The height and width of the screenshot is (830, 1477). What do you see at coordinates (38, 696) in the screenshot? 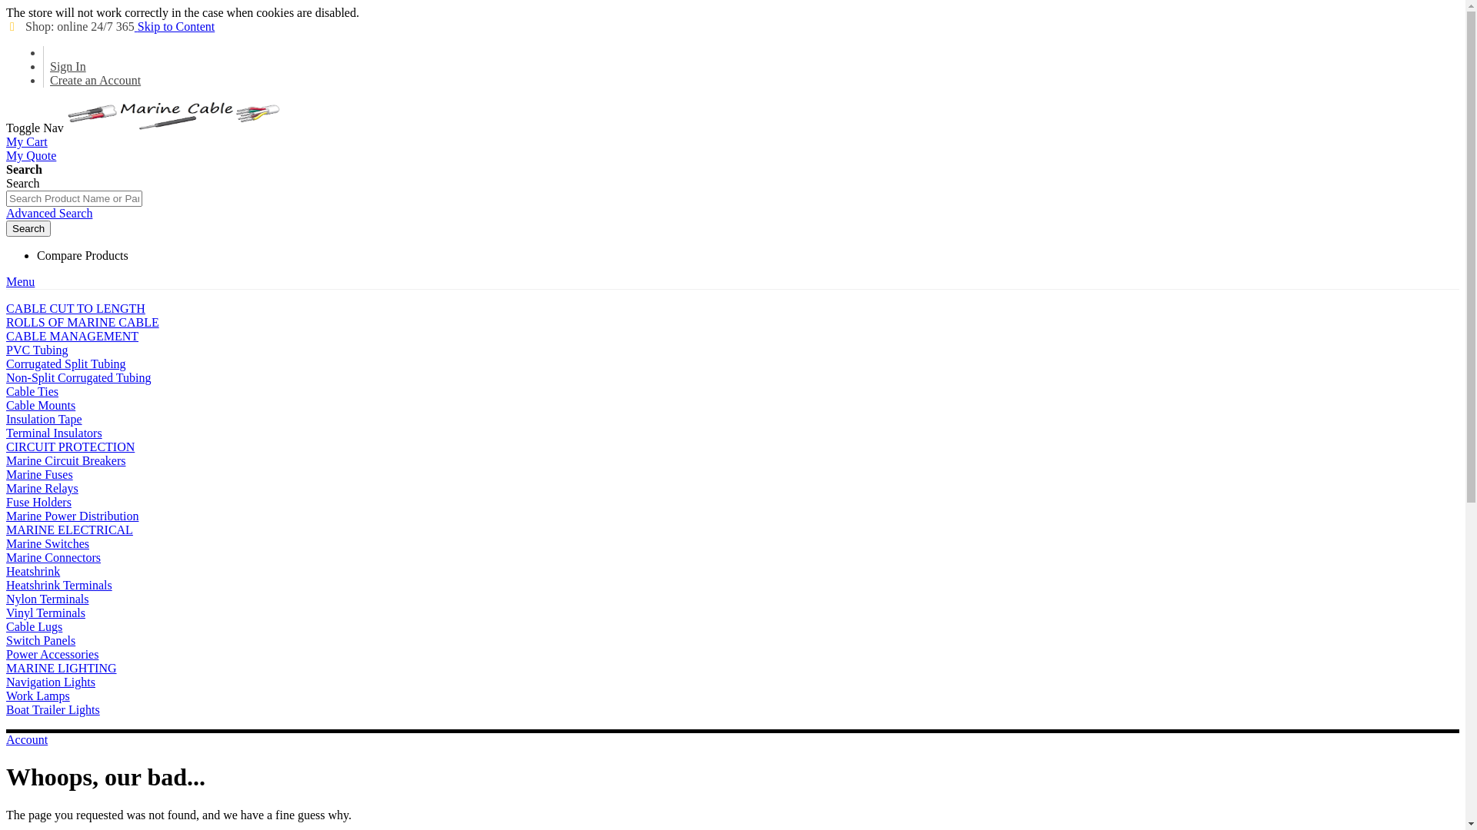
I see `'Work Lamps'` at bounding box center [38, 696].